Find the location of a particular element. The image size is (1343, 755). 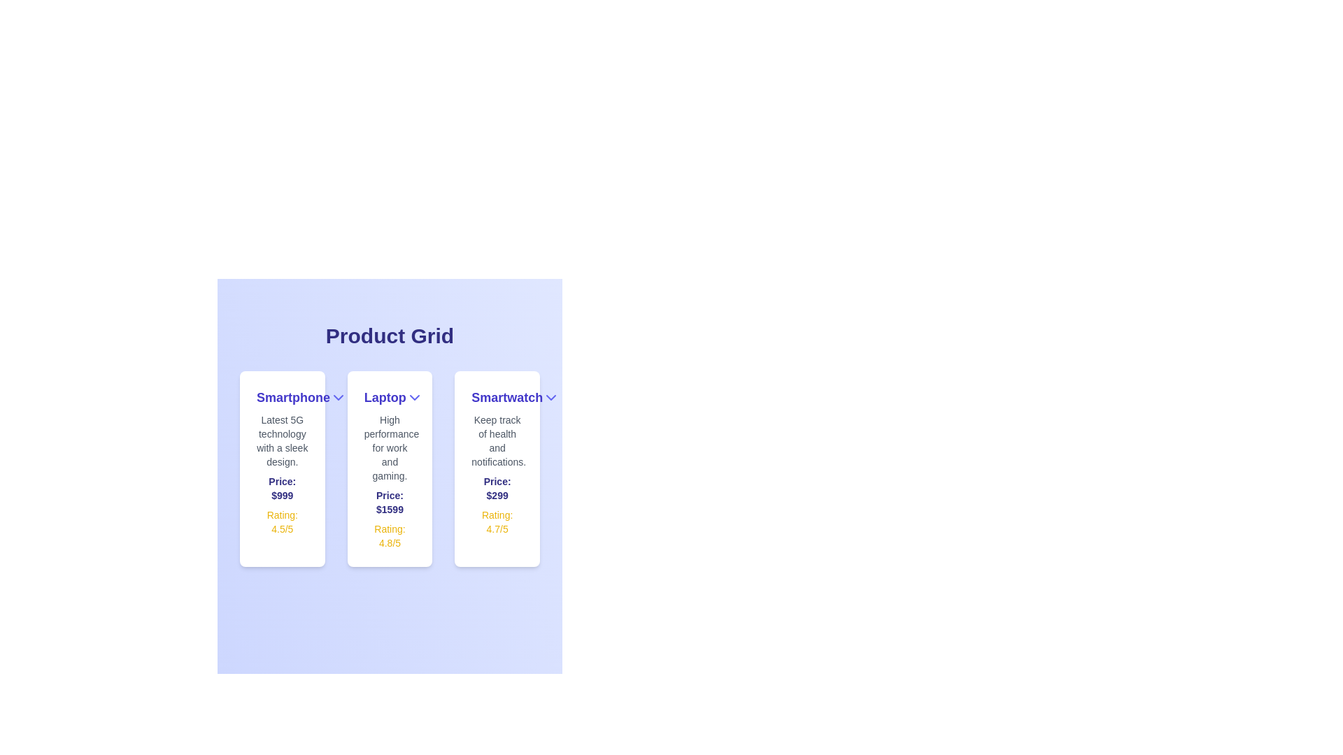

text label displaying 'Latest 5G technology with a sleek design.' located within the 'Smartphone' card, positioned below the title and above the price is located at coordinates (281, 441).